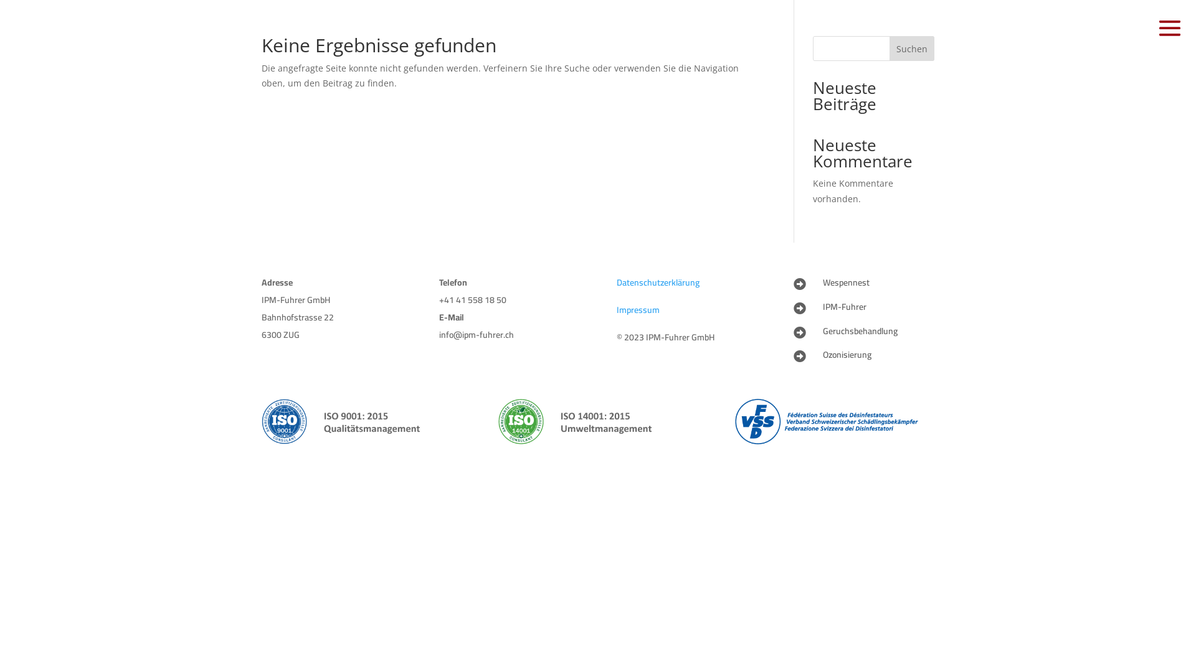 This screenshot has width=1196, height=672. Describe the element at coordinates (834, 421) in the screenshot. I see `'fsd_vss_logo_500'` at that location.